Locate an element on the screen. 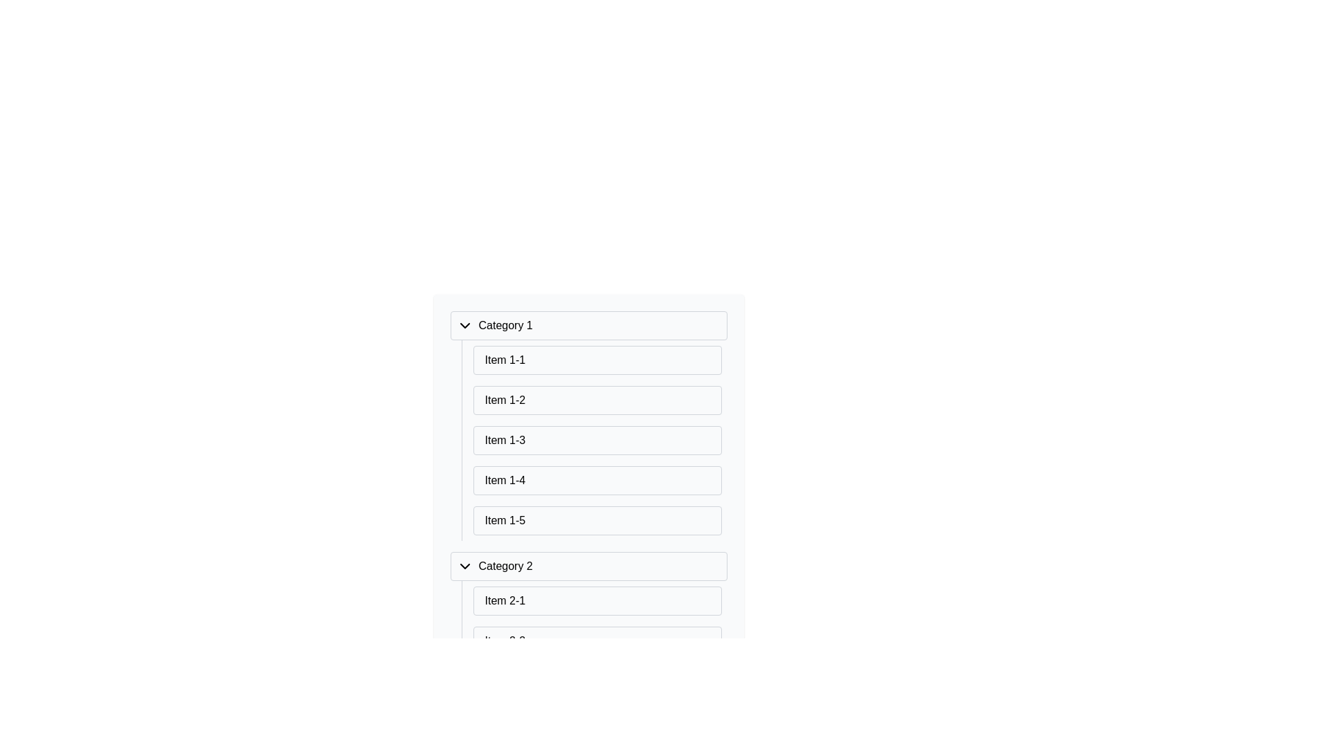 The height and width of the screenshot is (747, 1329). the button labeled 'Item 2-1' under the 'Category 2' section is located at coordinates (597, 600).